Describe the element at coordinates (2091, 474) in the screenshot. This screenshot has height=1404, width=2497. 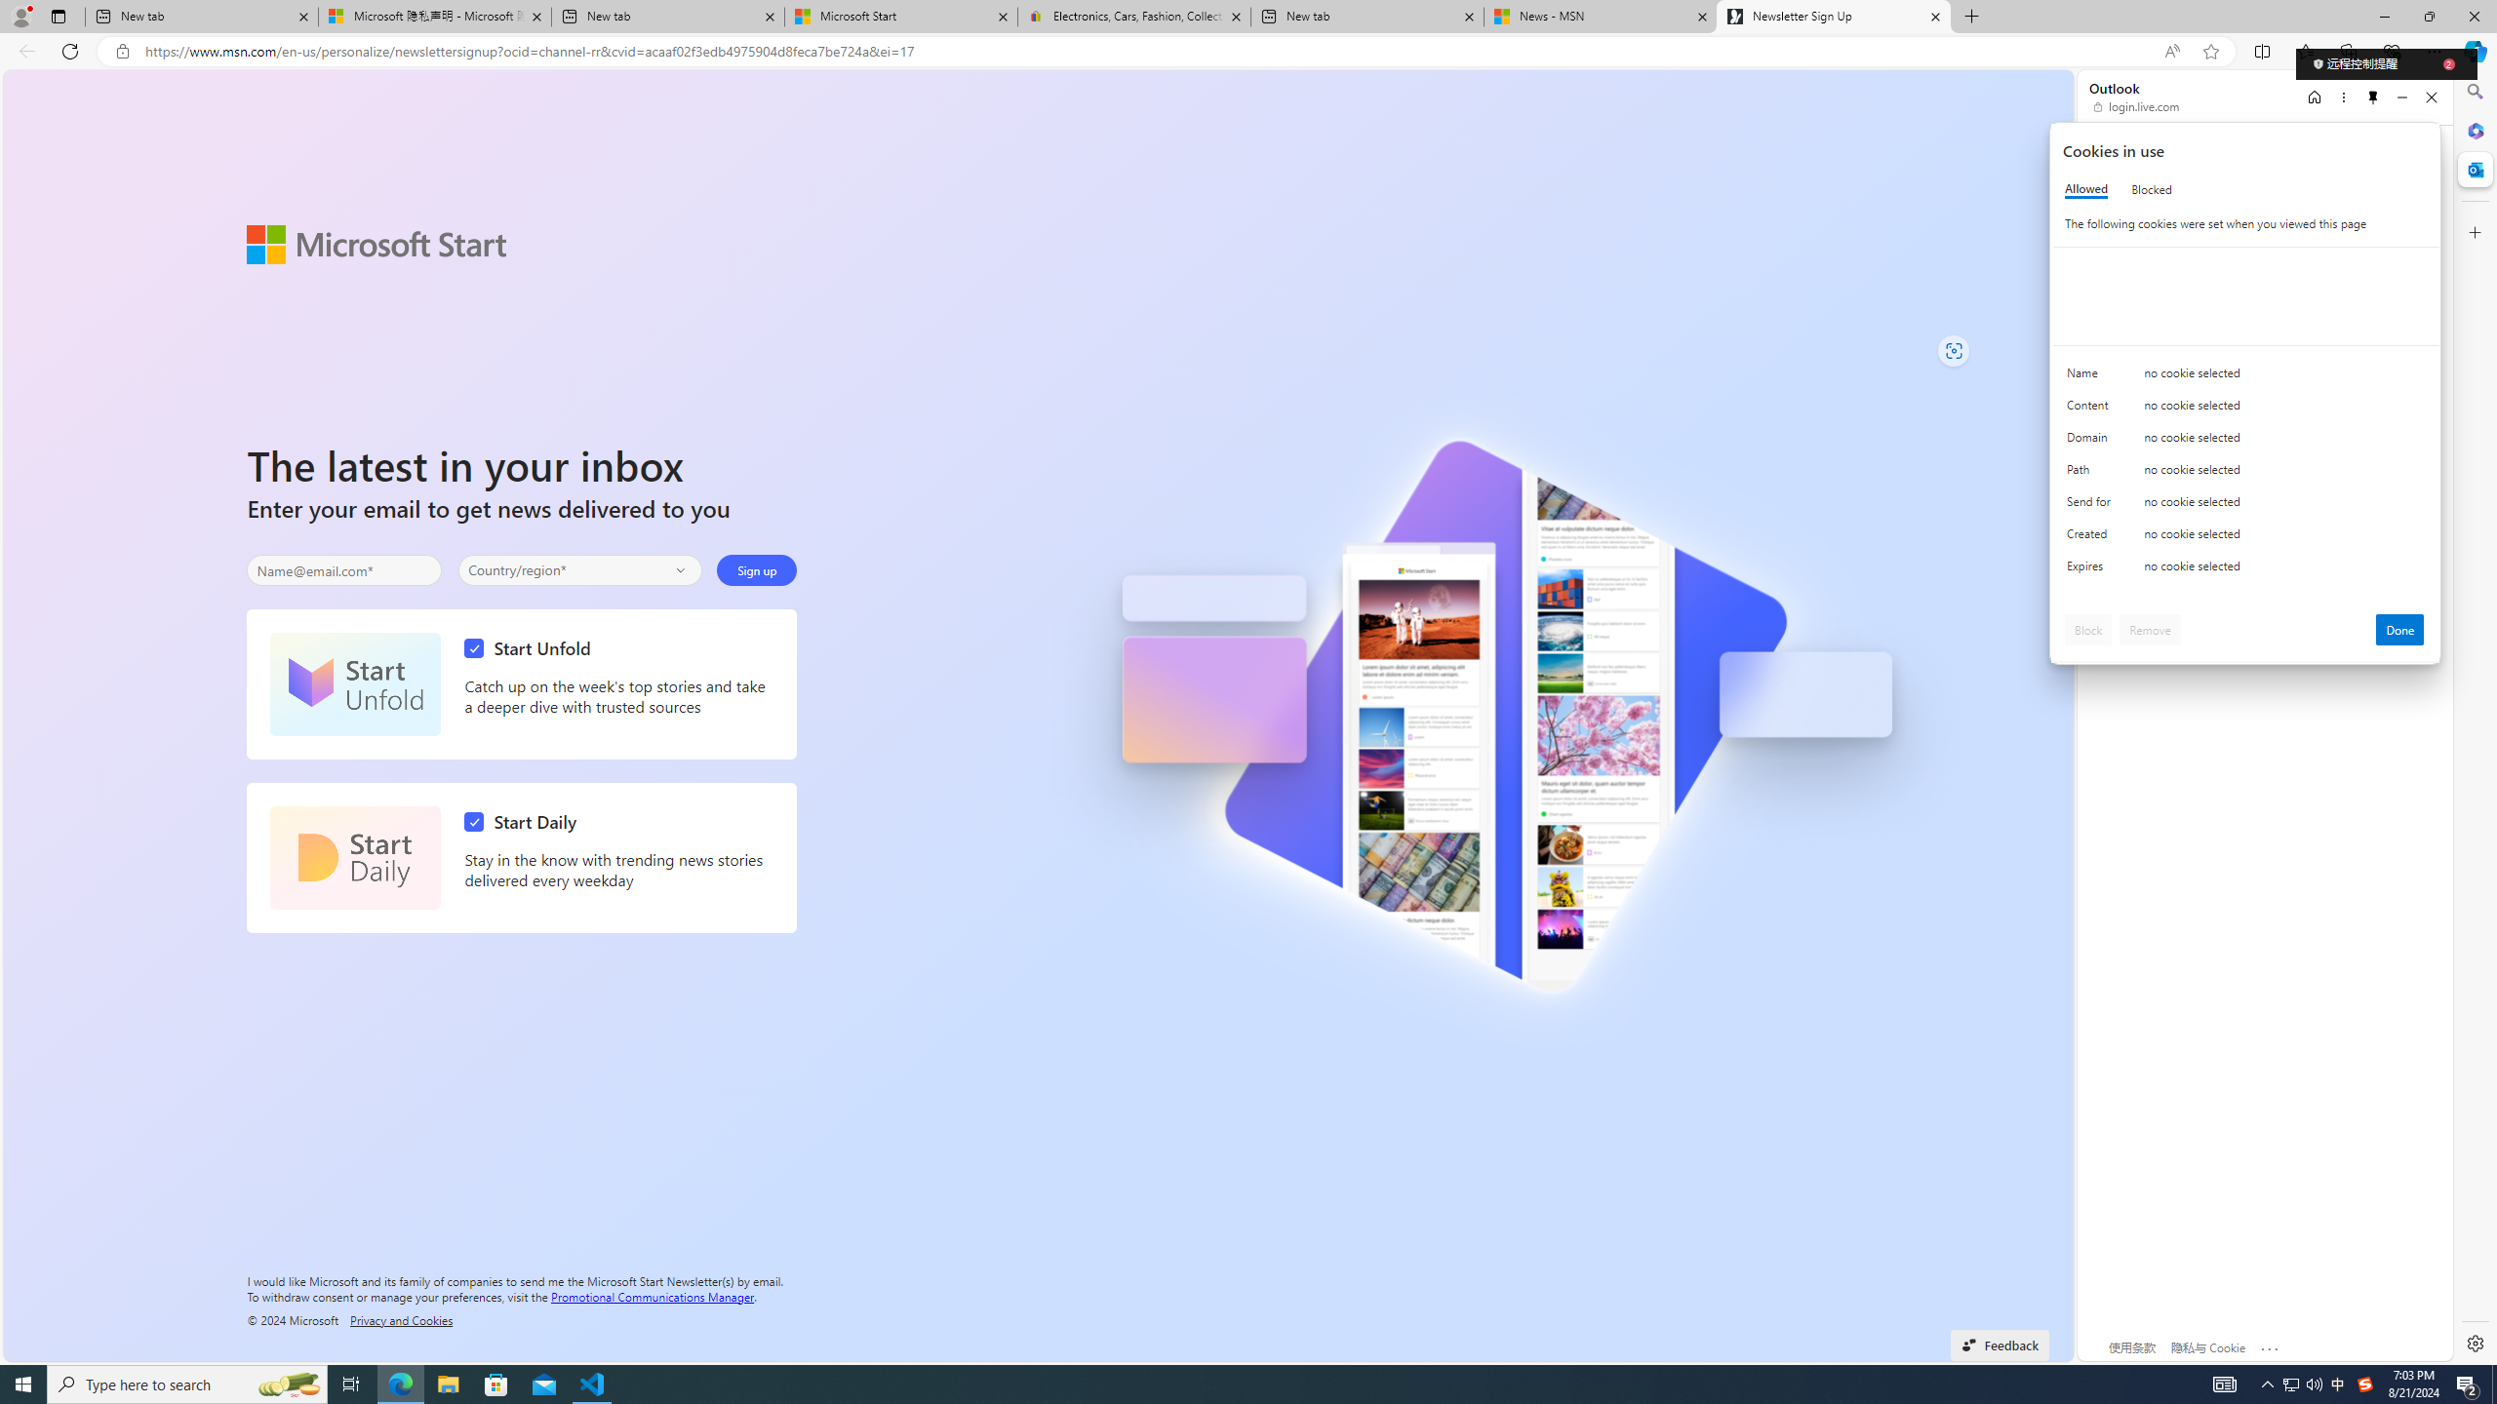
I see `'Path'` at that location.